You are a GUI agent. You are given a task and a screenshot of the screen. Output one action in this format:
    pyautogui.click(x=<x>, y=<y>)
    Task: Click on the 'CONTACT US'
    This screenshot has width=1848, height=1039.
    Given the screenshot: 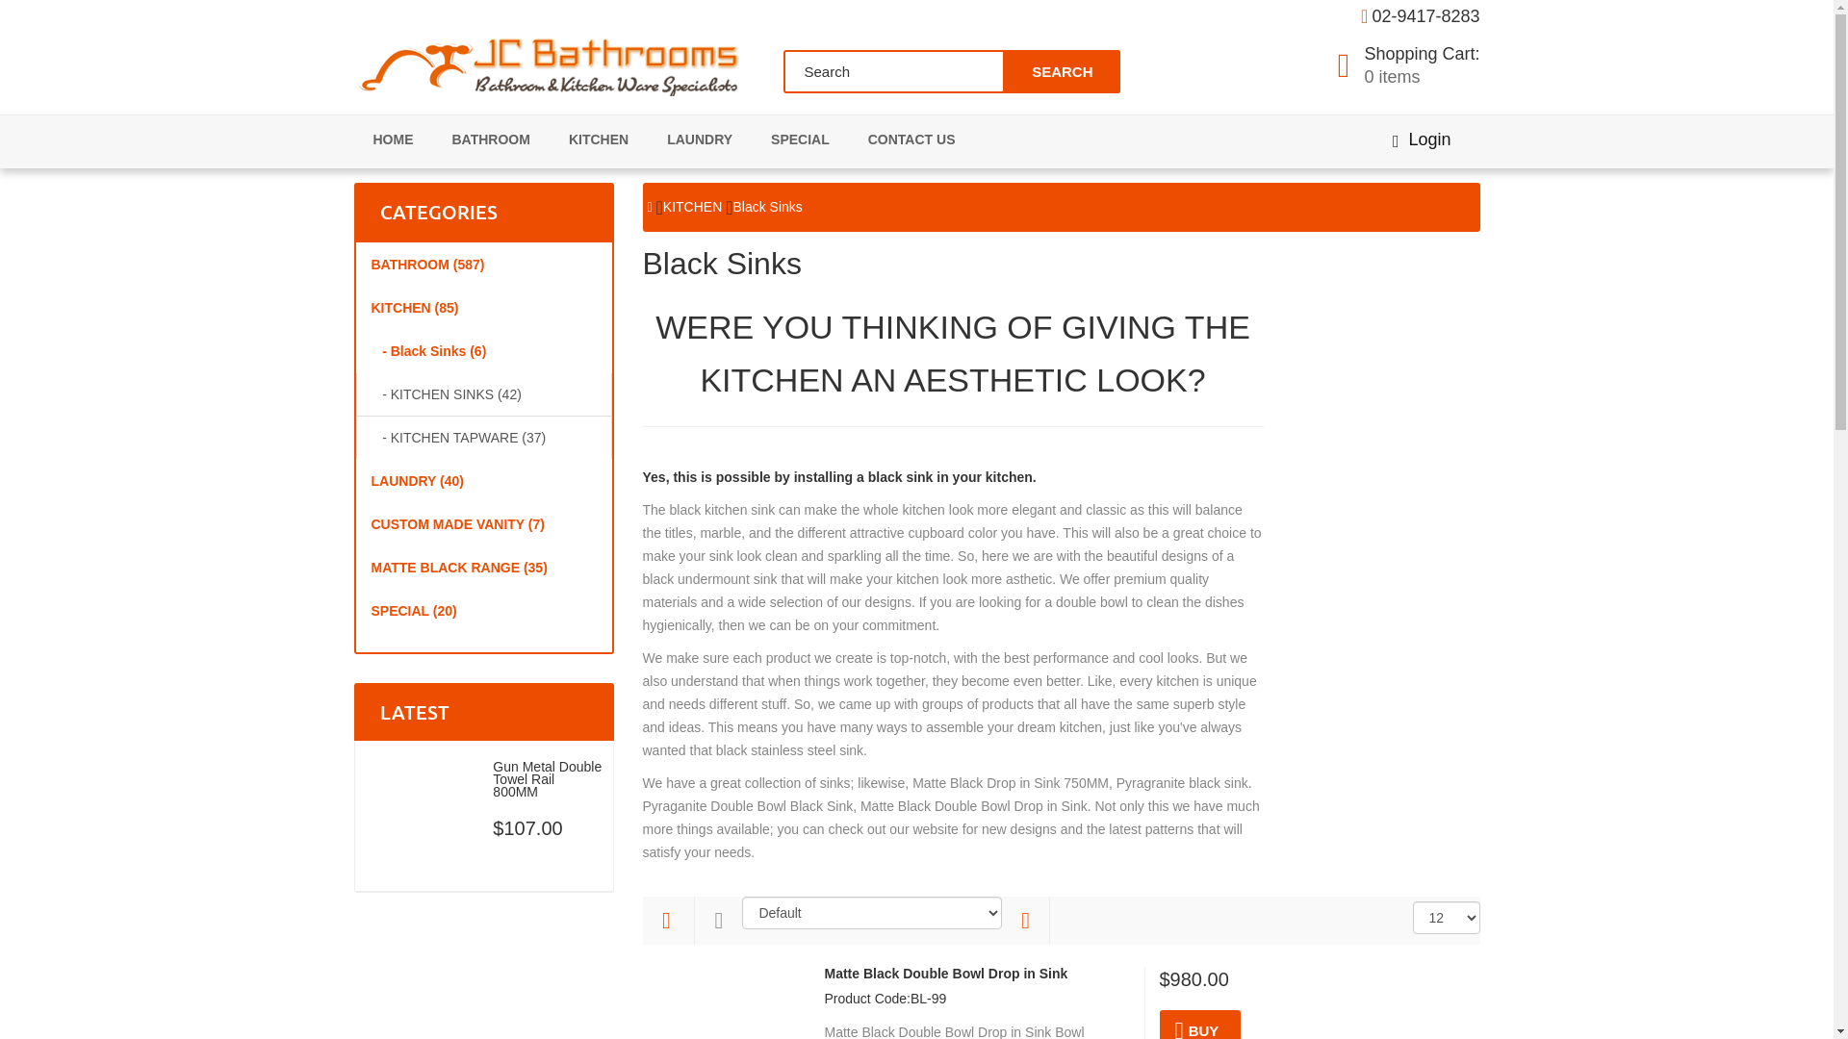 What is the action you would take?
    pyautogui.click(x=911, y=139)
    